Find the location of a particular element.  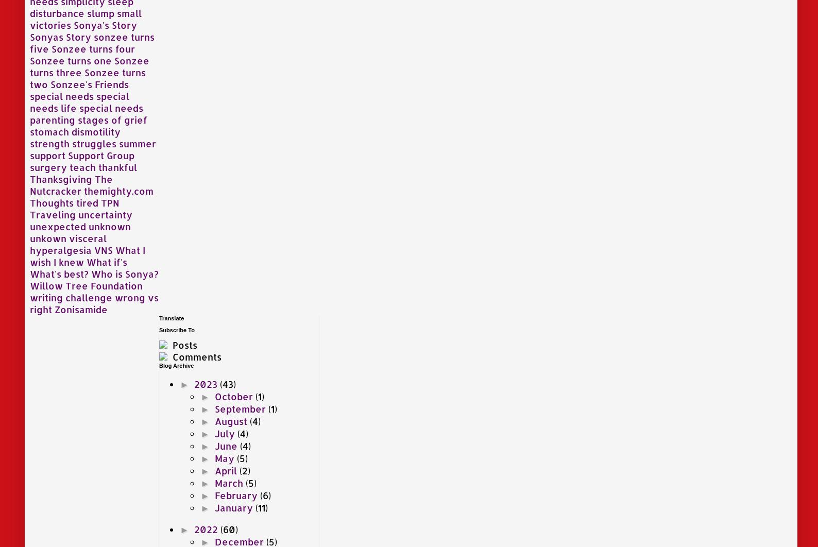

'unexpected' is located at coordinates (57, 225).